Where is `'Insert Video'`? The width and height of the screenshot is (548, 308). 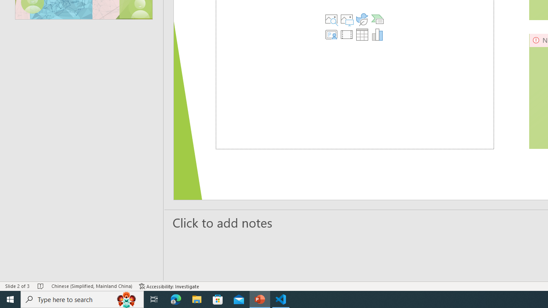
'Insert Video' is located at coordinates (346, 34).